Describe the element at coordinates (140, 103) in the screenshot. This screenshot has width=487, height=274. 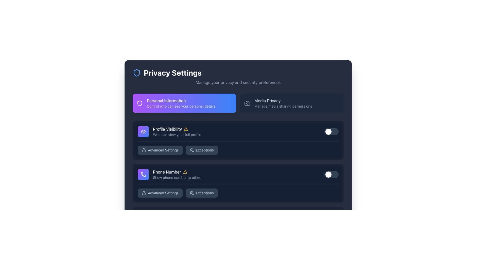
I see `the shield icon located in the 'Privacy Settings' section, positioned before the title text 'Privacy Settings'` at that location.